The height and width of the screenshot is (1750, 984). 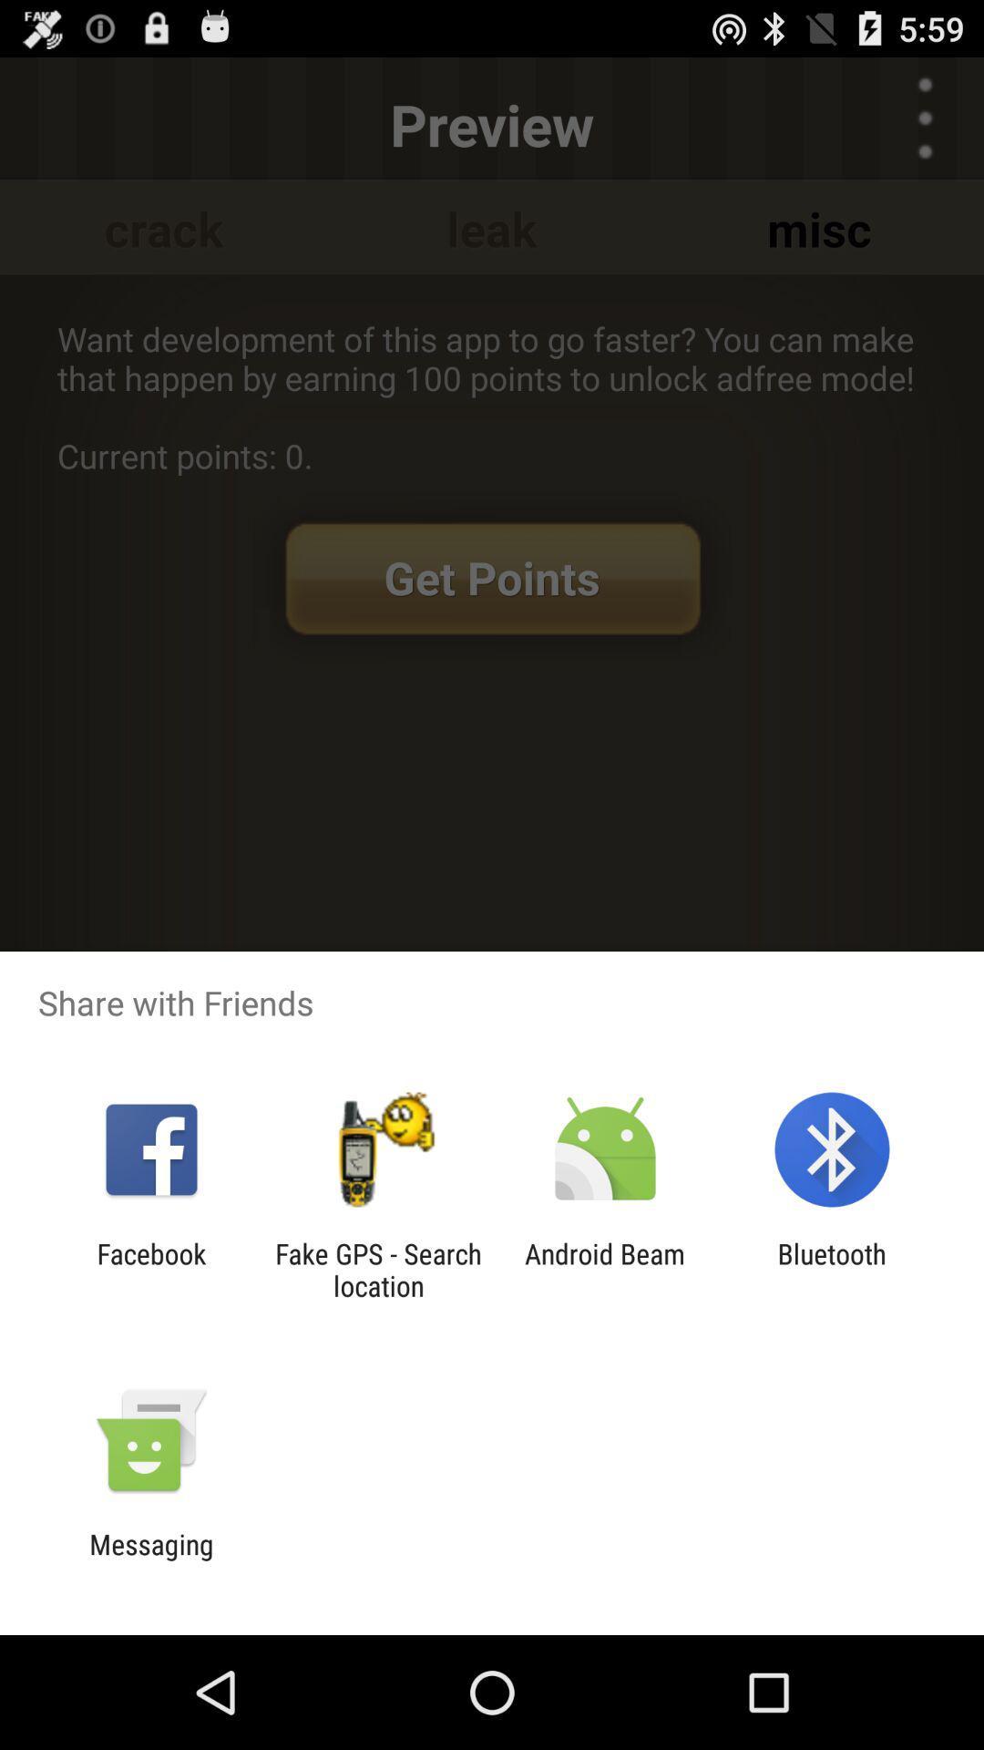 I want to click on bluetooth icon, so click(x=832, y=1269).